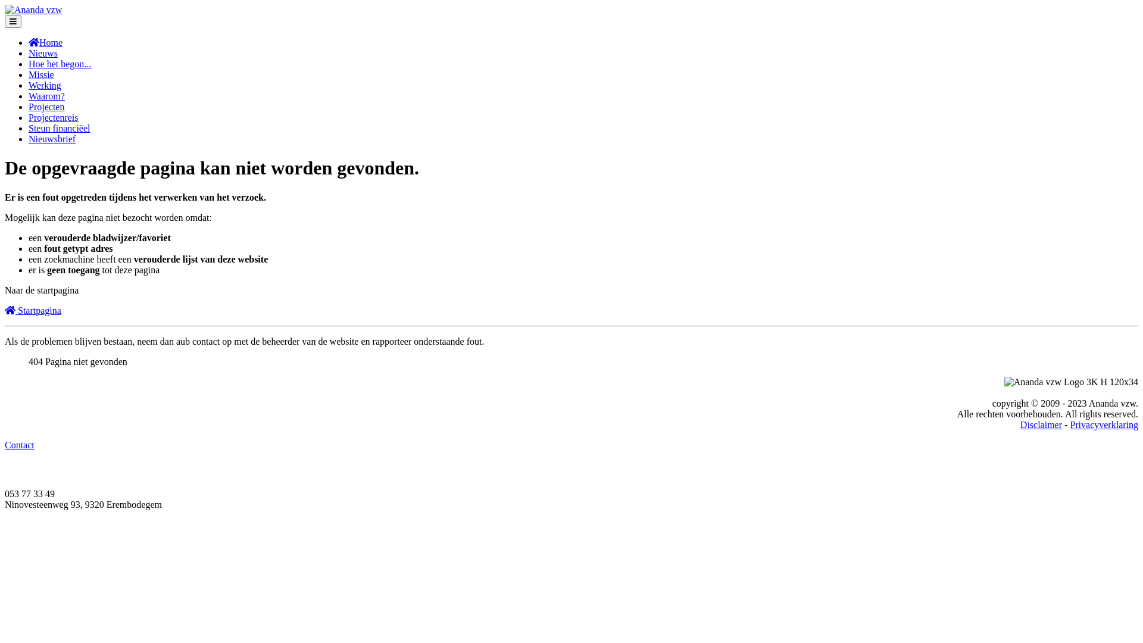  Describe the element at coordinates (43, 52) in the screenshot. I see `'Nieuws'` at that location.